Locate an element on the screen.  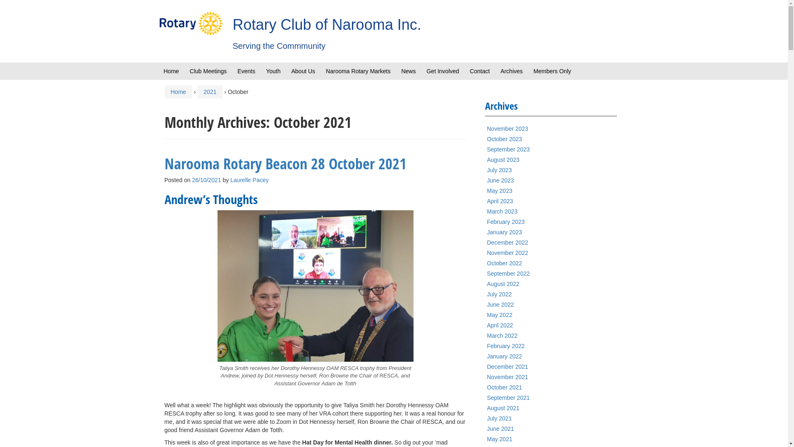
'May 2021' is located at coordinates (499, 438).